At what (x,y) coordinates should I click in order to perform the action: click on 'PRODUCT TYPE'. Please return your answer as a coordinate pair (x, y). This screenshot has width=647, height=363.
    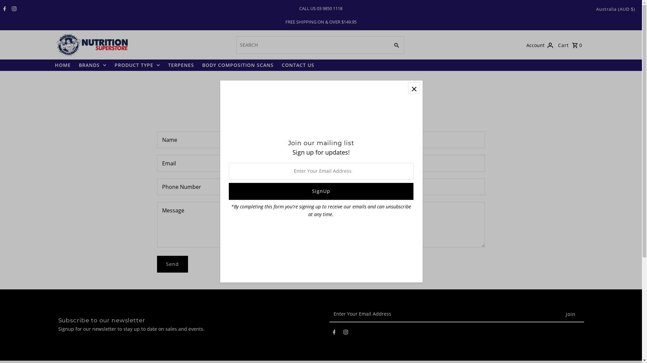
    Looking at the image, I should click on (111, 65).